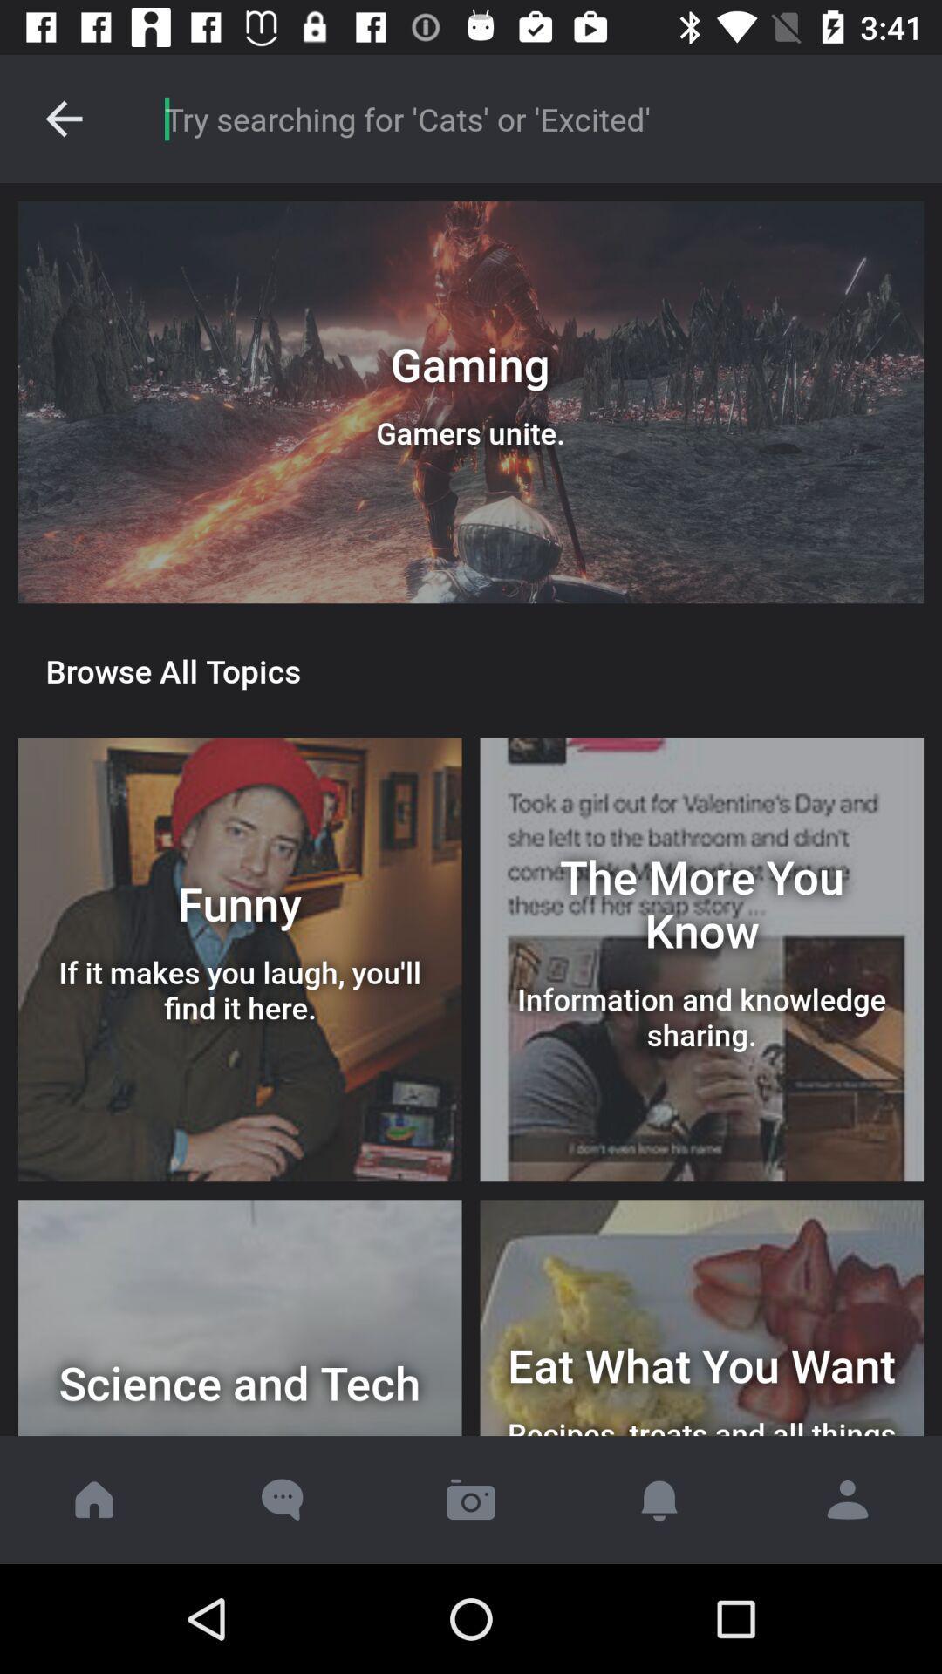  Describe the element at coordinates (847, 1499) in the screenshot. I see `the icon below eat what you` at that location.